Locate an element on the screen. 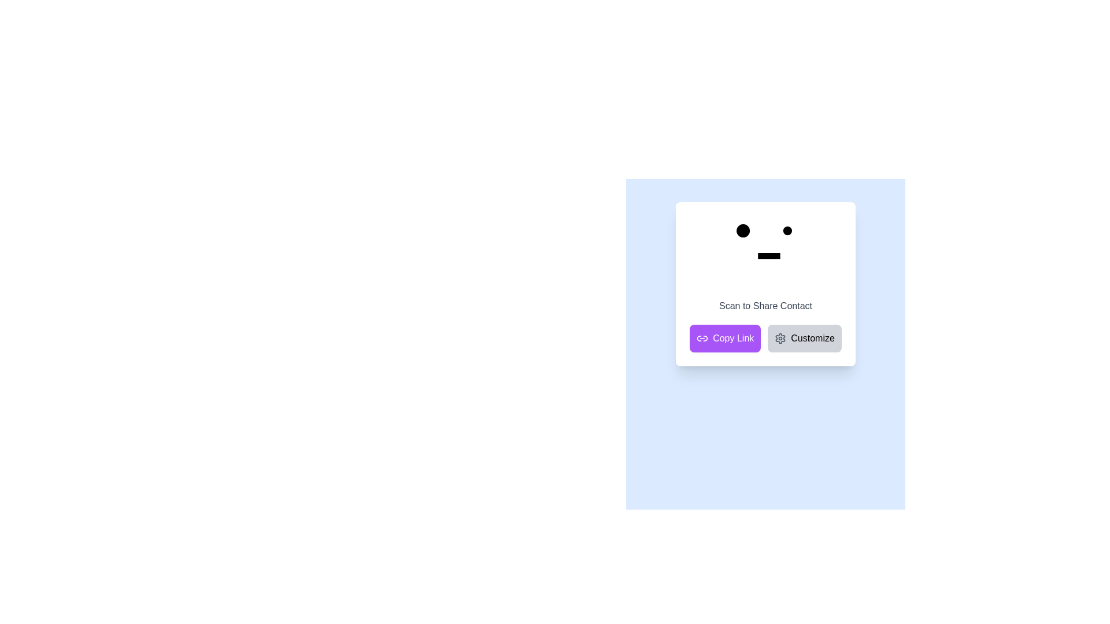  the first button in the group, located to the left of the 'Customize' button, to copy the link associated with 'Scan to Share Contact' is located at coordinates (724, 338).